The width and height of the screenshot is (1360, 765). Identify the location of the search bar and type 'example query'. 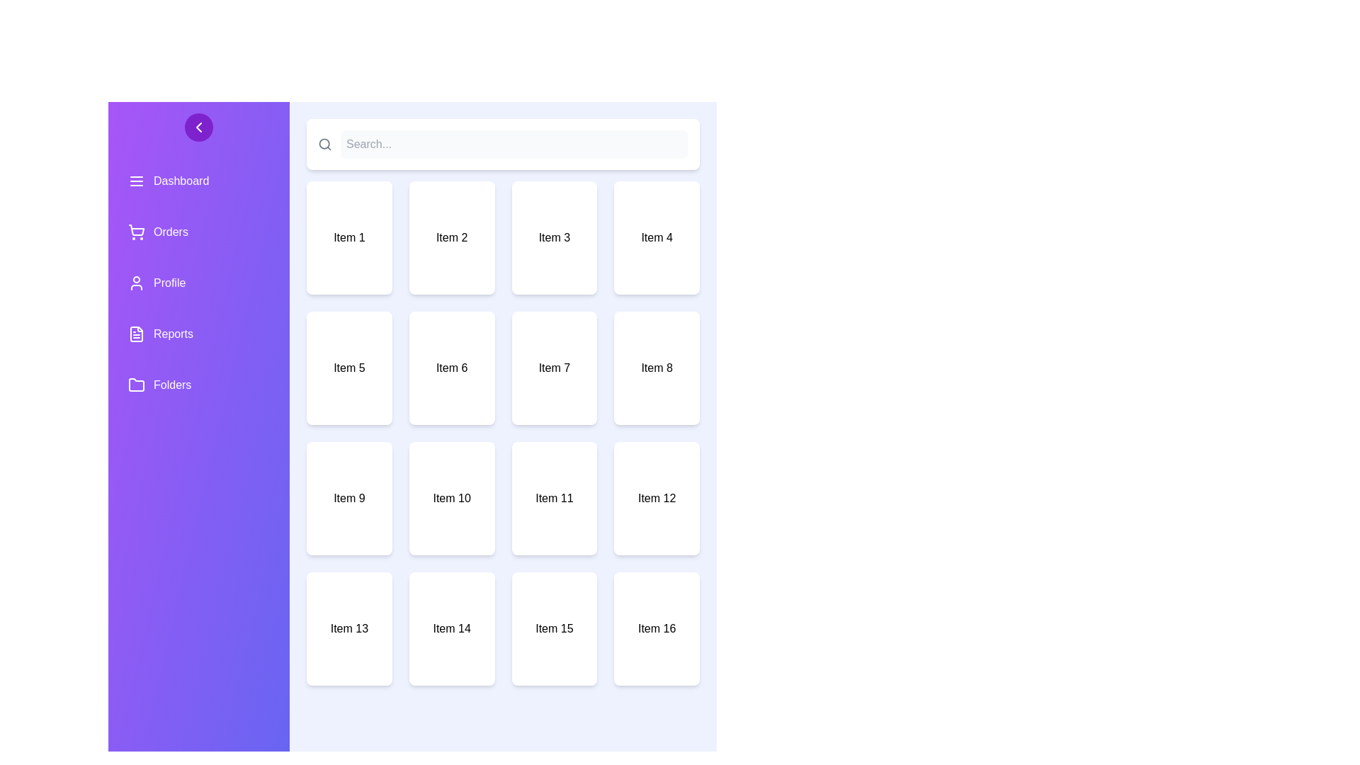
(514, 144).